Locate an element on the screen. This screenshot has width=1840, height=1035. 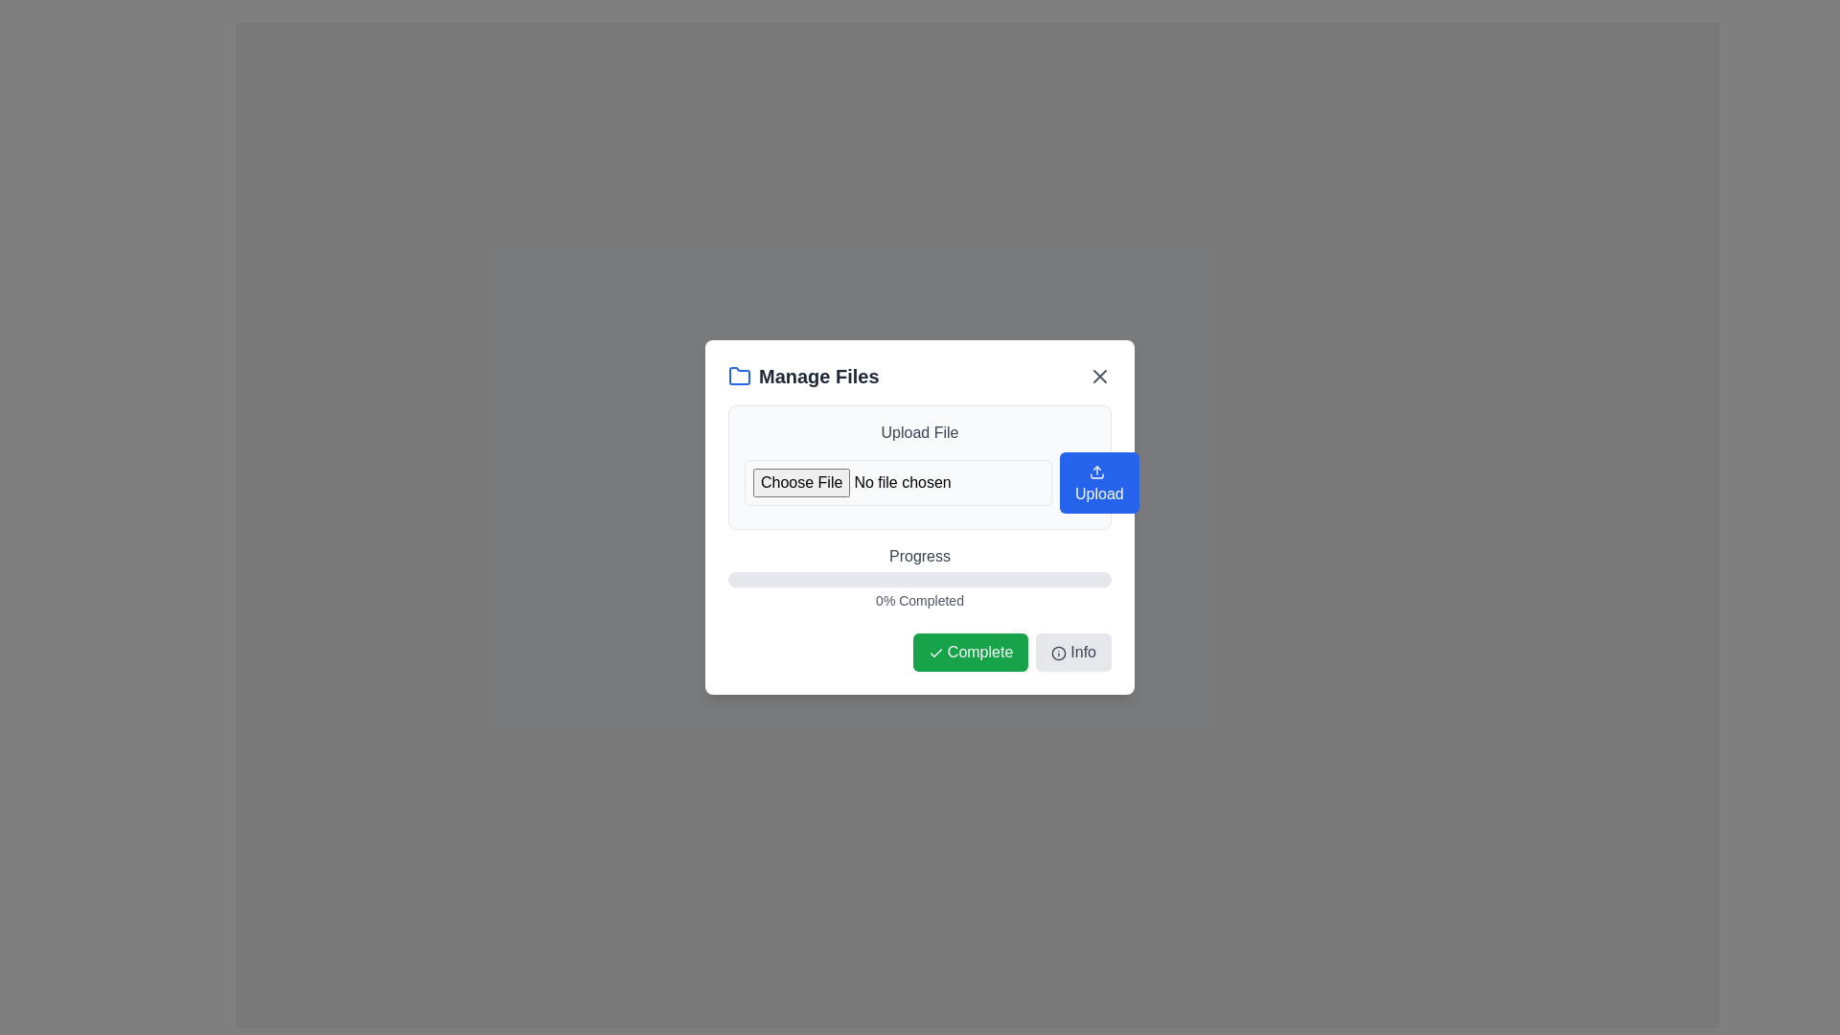
the text label indicating the functionality of the modal related to managing files, which is positioned to the right of a folder icon in the upper section of the modal window is located at coordinates (818, 377).